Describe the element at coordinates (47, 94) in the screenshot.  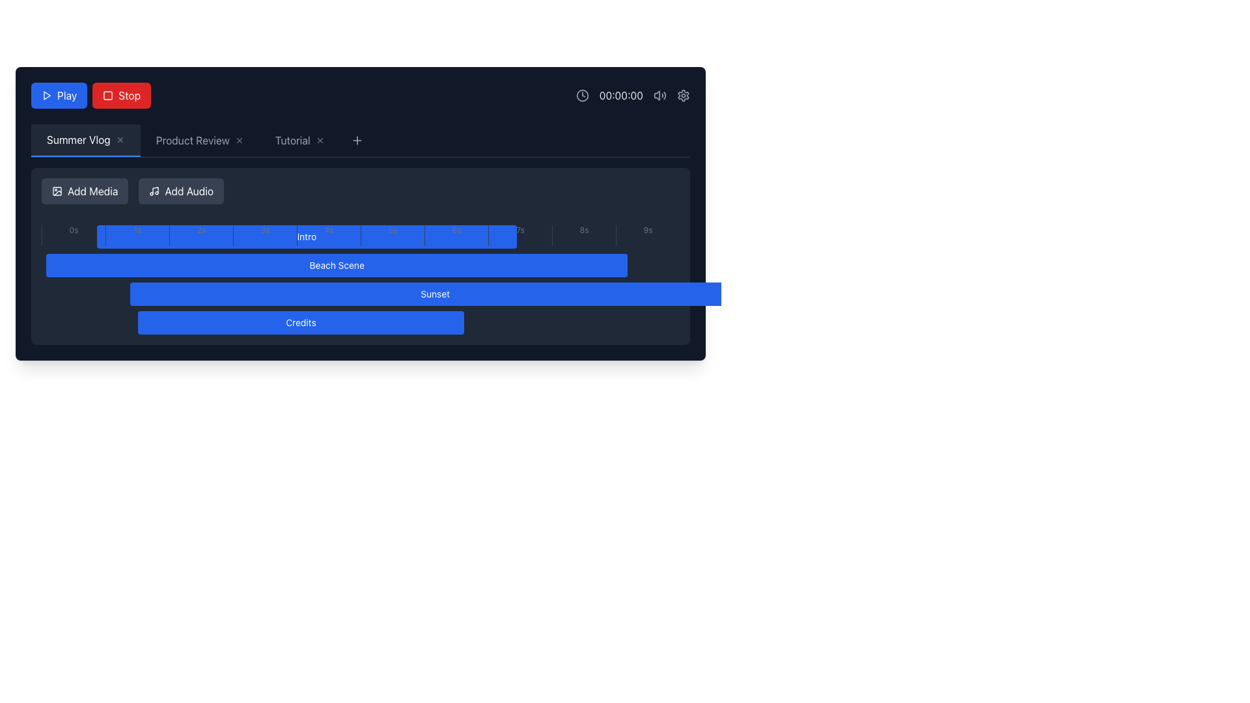
I see `the triangular 'Play' icon located to the left of the text 'Play'` at that location.